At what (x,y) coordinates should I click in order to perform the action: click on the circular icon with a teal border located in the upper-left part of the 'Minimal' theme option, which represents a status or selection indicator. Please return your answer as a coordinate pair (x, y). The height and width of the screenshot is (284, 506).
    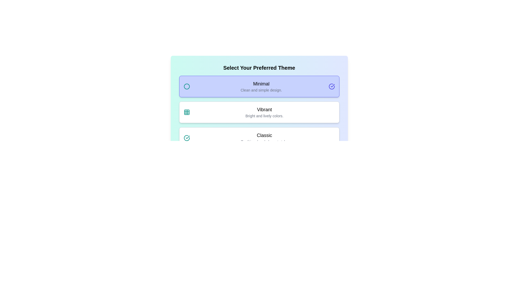
    Looking at the image, I should click on (187, 86).